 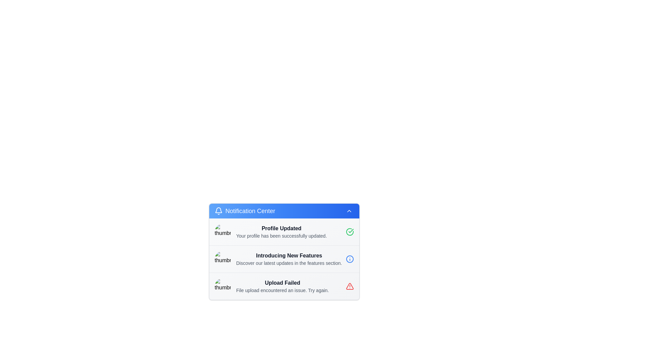 I want to click on text content of the static notification block titled 'Introducing New Features' located in the middle section of the notification center, so click(x=289, y=259).